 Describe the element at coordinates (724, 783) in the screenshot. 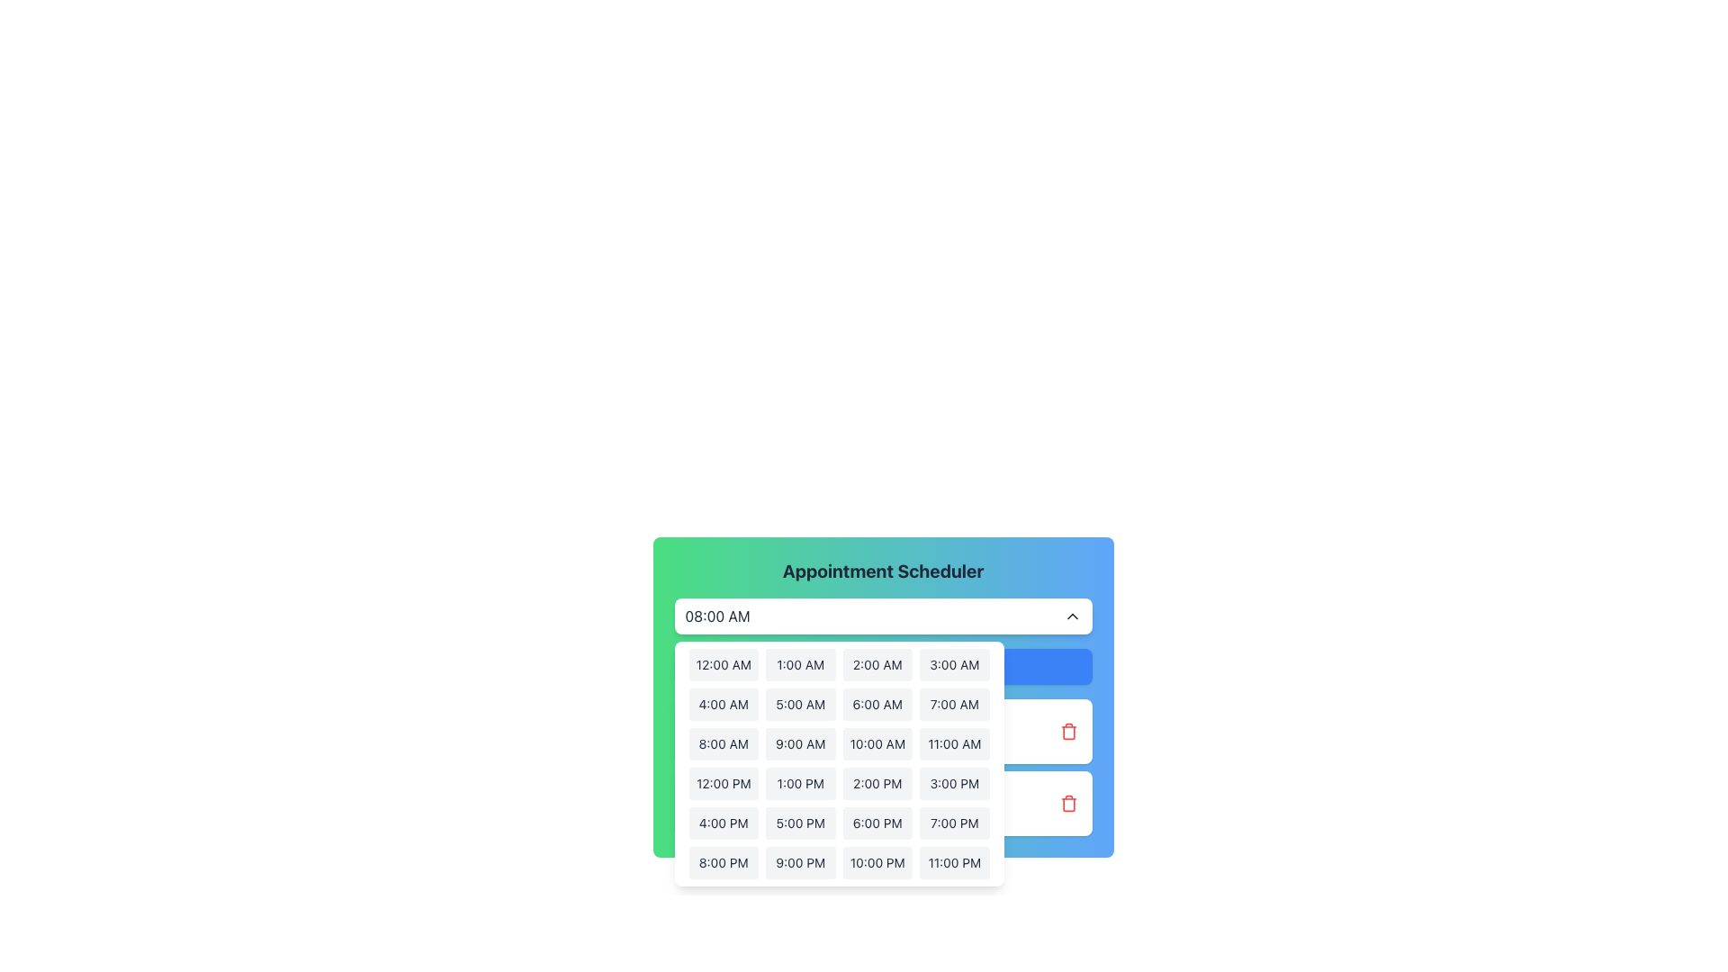

I see `the time slot button labeled '12:00 PM' with a light gray background in the Appointment Scheduler interface` at that location.